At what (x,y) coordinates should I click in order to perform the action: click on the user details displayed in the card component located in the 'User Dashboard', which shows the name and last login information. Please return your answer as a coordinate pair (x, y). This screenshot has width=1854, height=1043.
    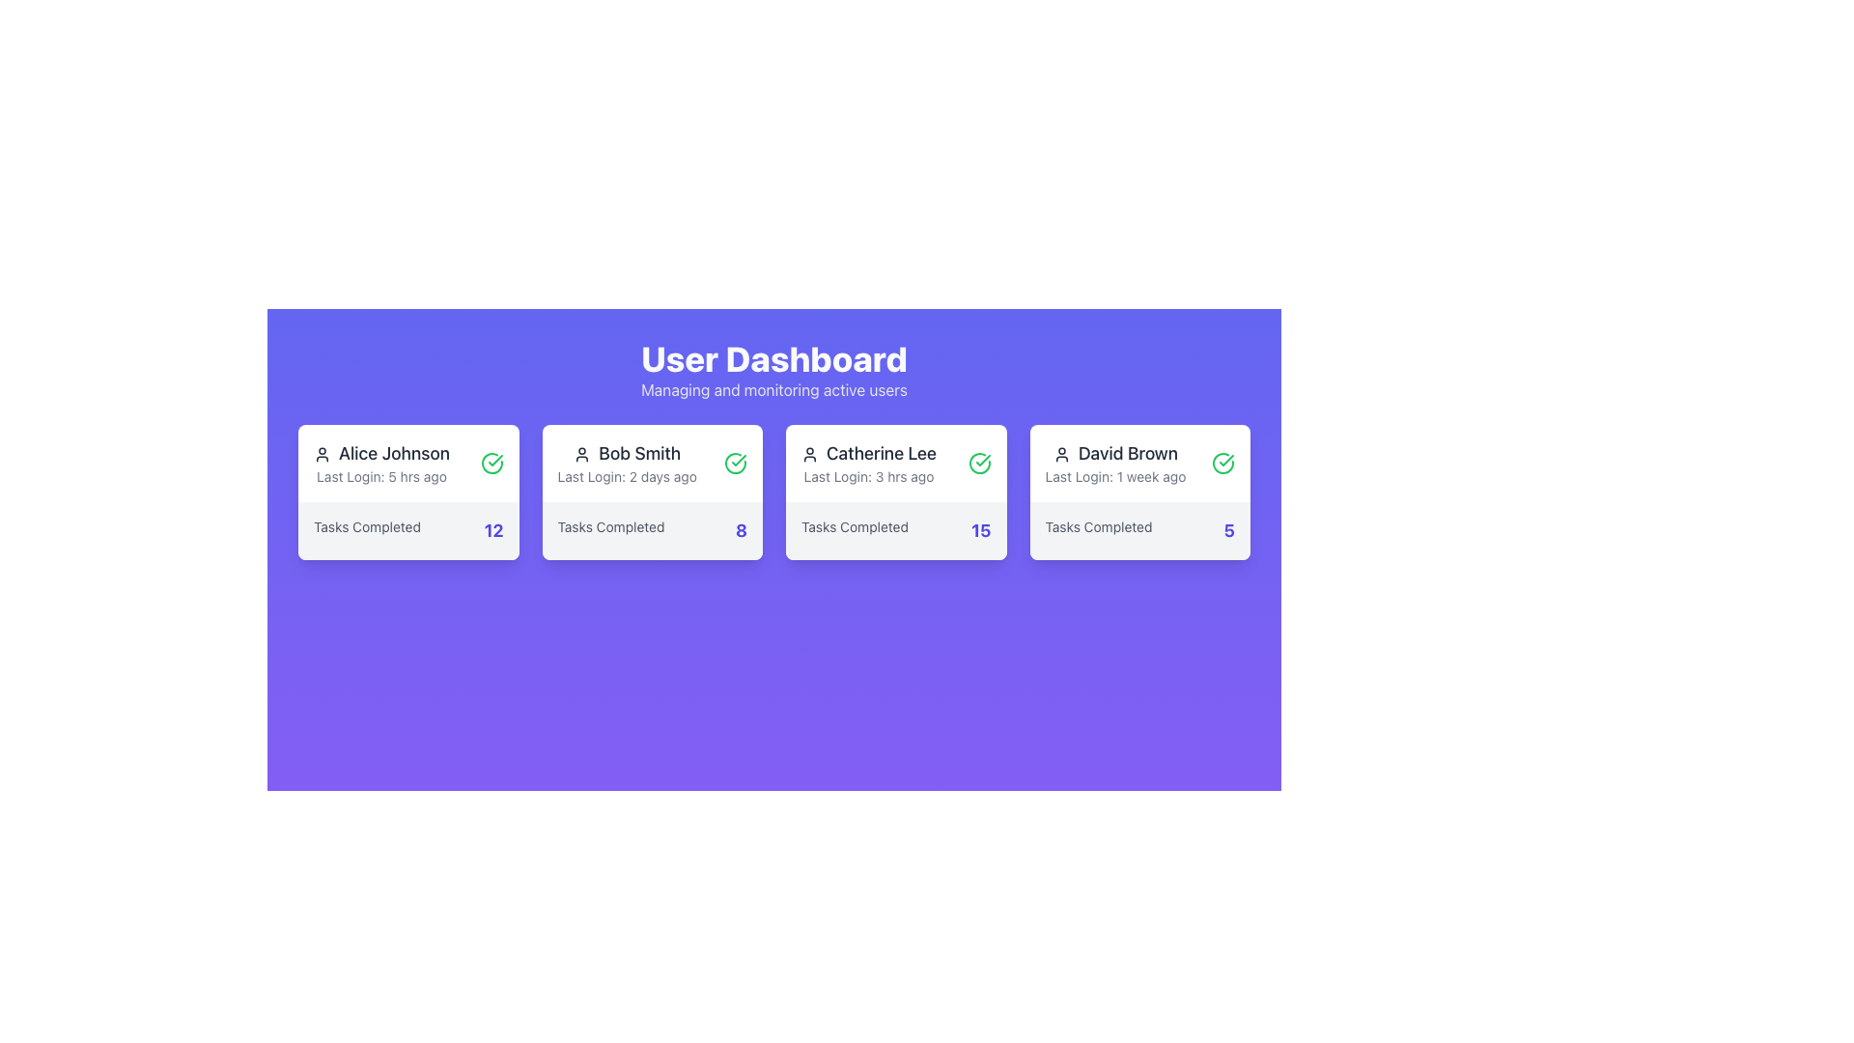
    Looking at the image, I should click on (1139, 463).